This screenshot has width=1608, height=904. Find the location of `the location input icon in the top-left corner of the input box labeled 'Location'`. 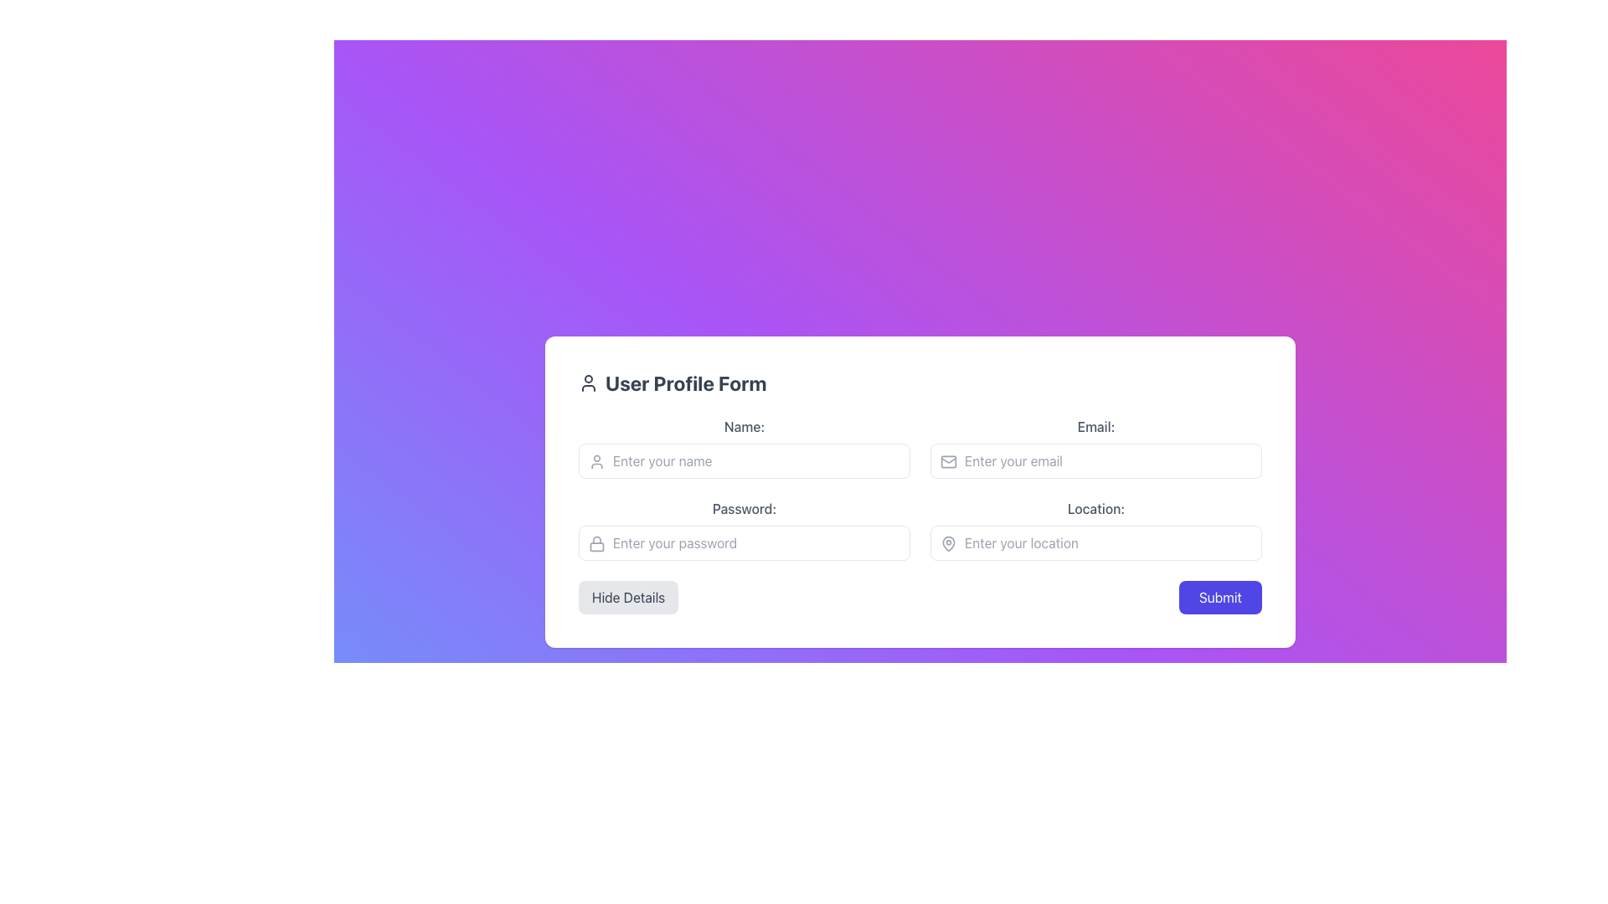

the location input icon in the top-left corner of the input box labeled 'Location' is located at coordinates (948, 544).